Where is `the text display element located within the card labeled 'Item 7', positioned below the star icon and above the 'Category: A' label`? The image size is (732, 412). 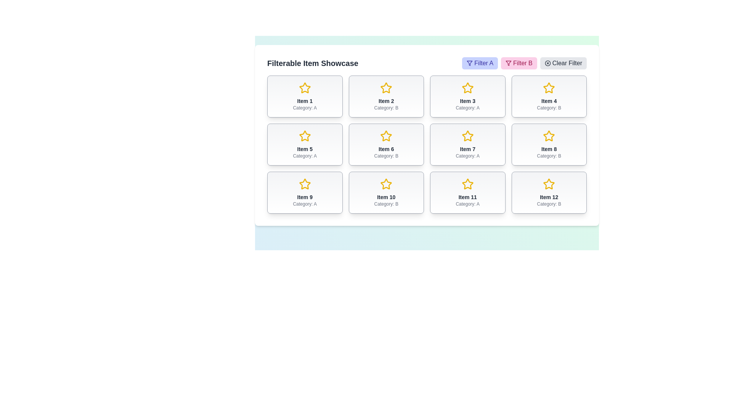 the text display element located within the card labeled 'Item 7', positioned below the star icon and above the 'Category: A' label is located at coordinates (467, 149).